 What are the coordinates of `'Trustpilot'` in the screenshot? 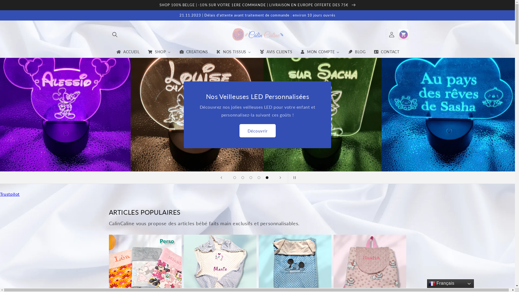 It's located at (10, 194).